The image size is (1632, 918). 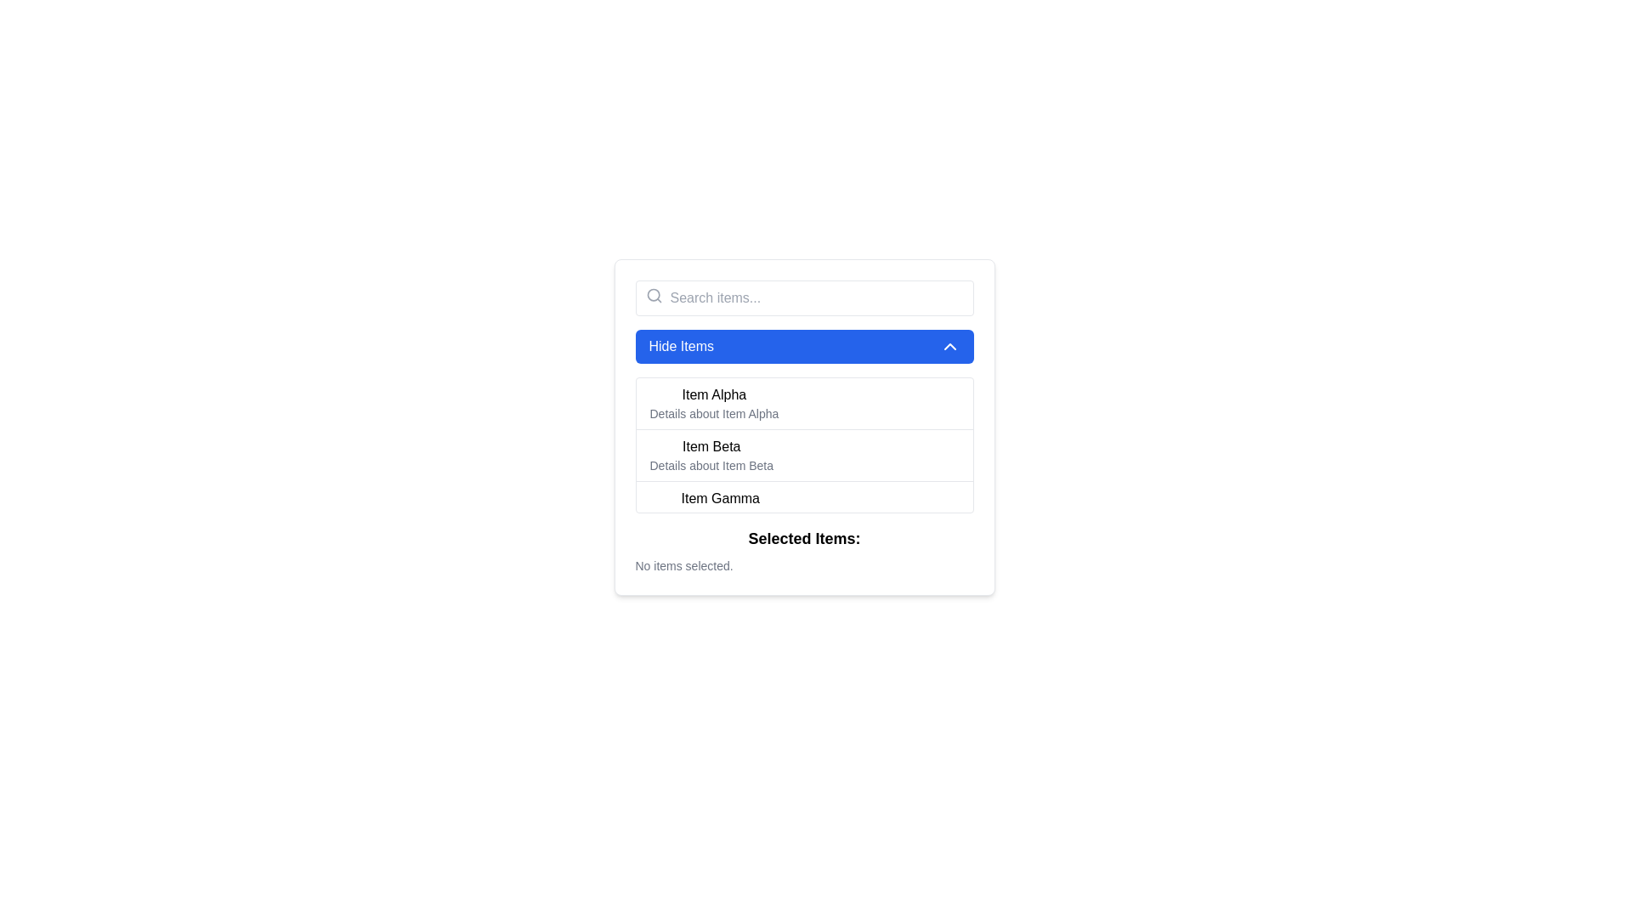 What do you see at coordinates (803, 346) in the screenshot?
I see `the button positioned below the search bar and above the list of items labeled 'Item Alpha', 'Item Beta', and 'Item Gamma'` at bounding box center [803, 346].